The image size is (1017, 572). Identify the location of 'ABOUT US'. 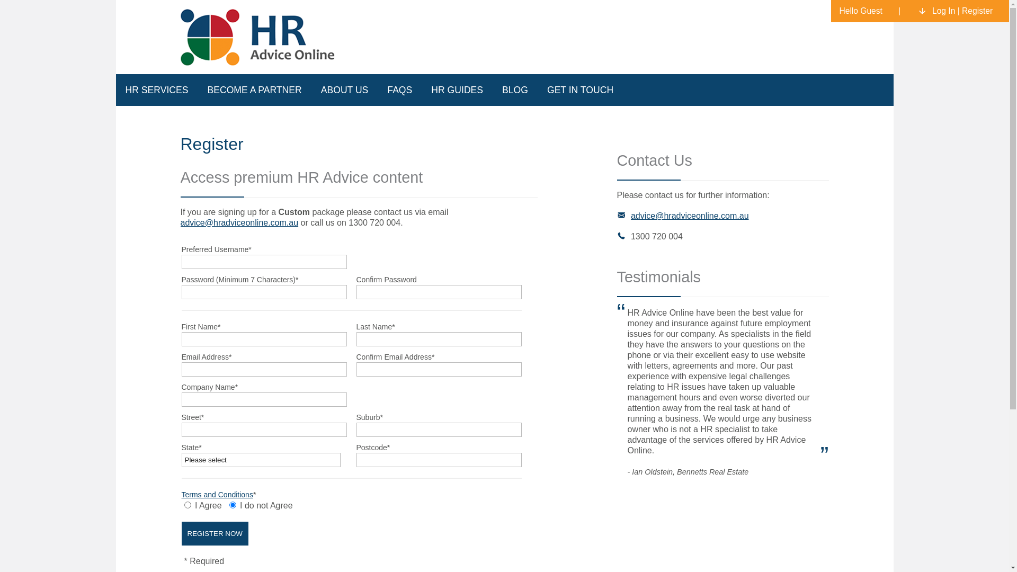
(311, 89).